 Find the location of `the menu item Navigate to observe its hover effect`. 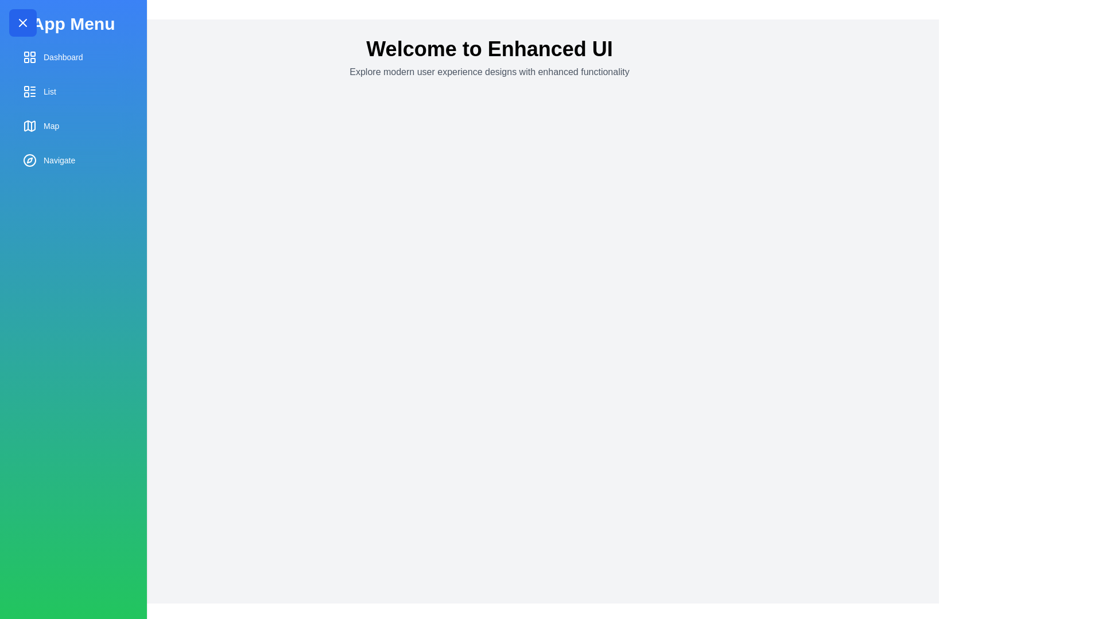

the menu item Navigate to observe its hover effect is located at coordinates (73, 160).